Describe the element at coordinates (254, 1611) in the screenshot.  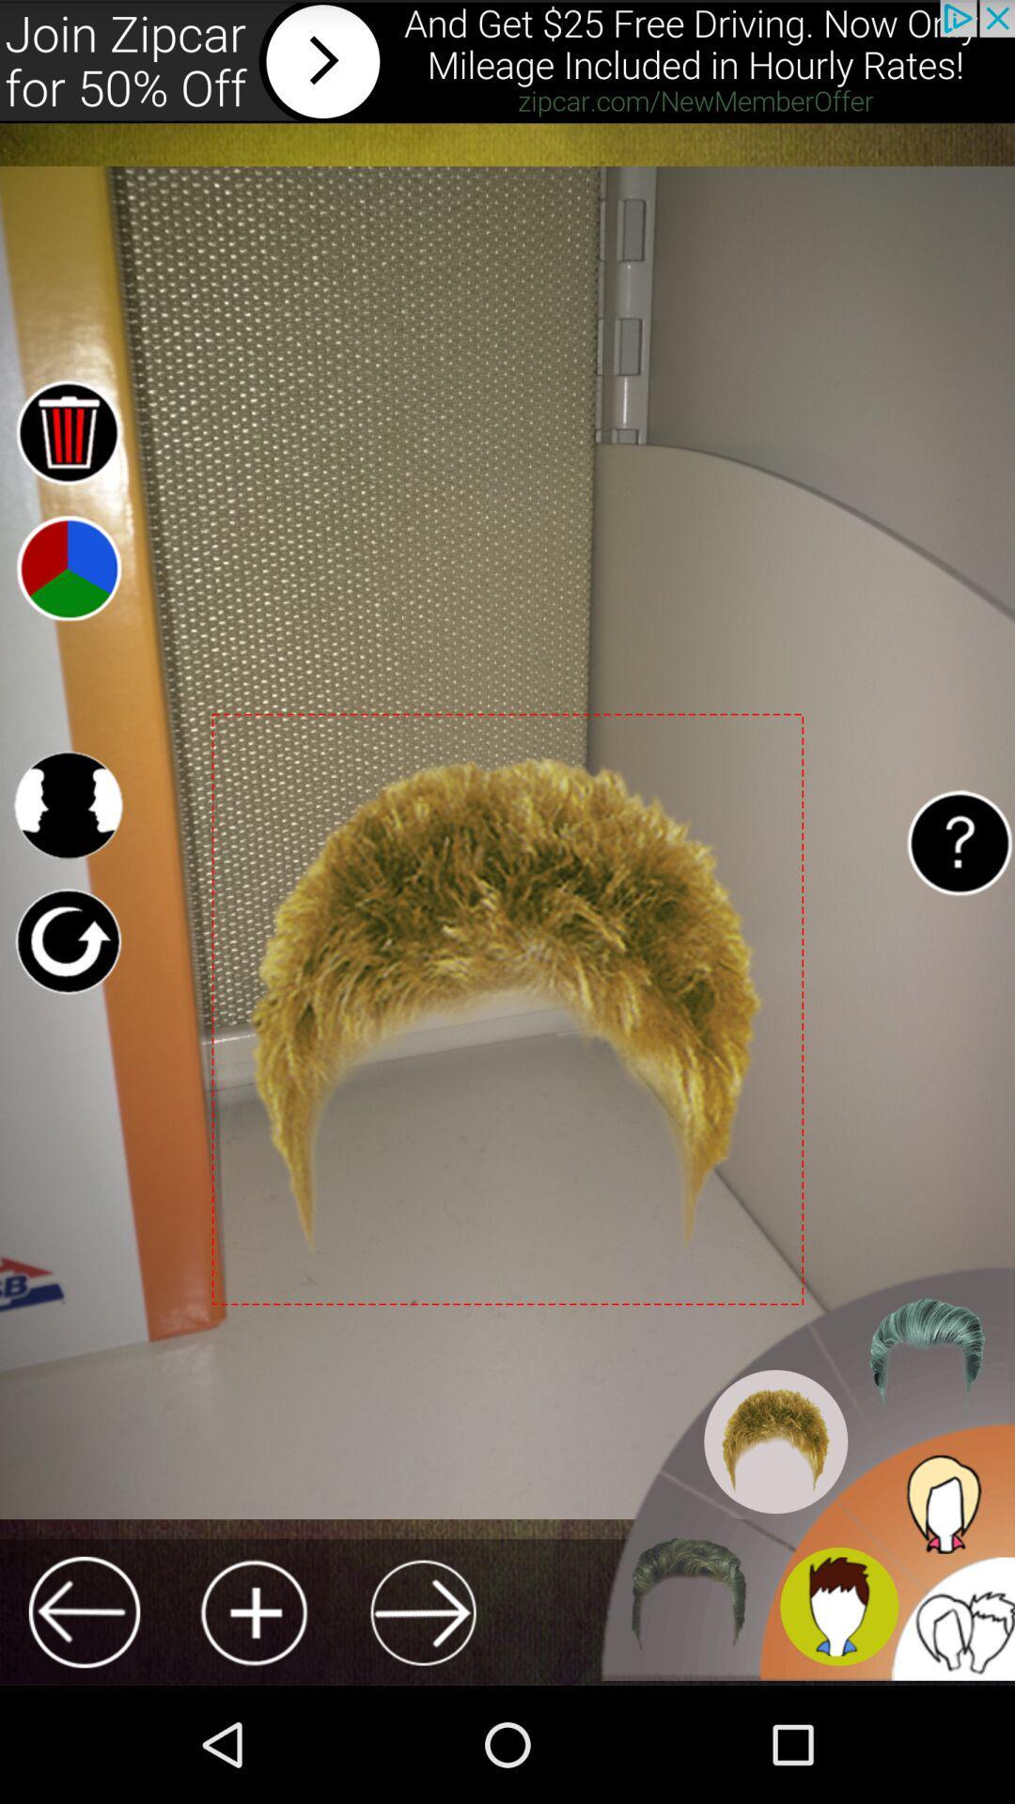
I see `button` at that location.